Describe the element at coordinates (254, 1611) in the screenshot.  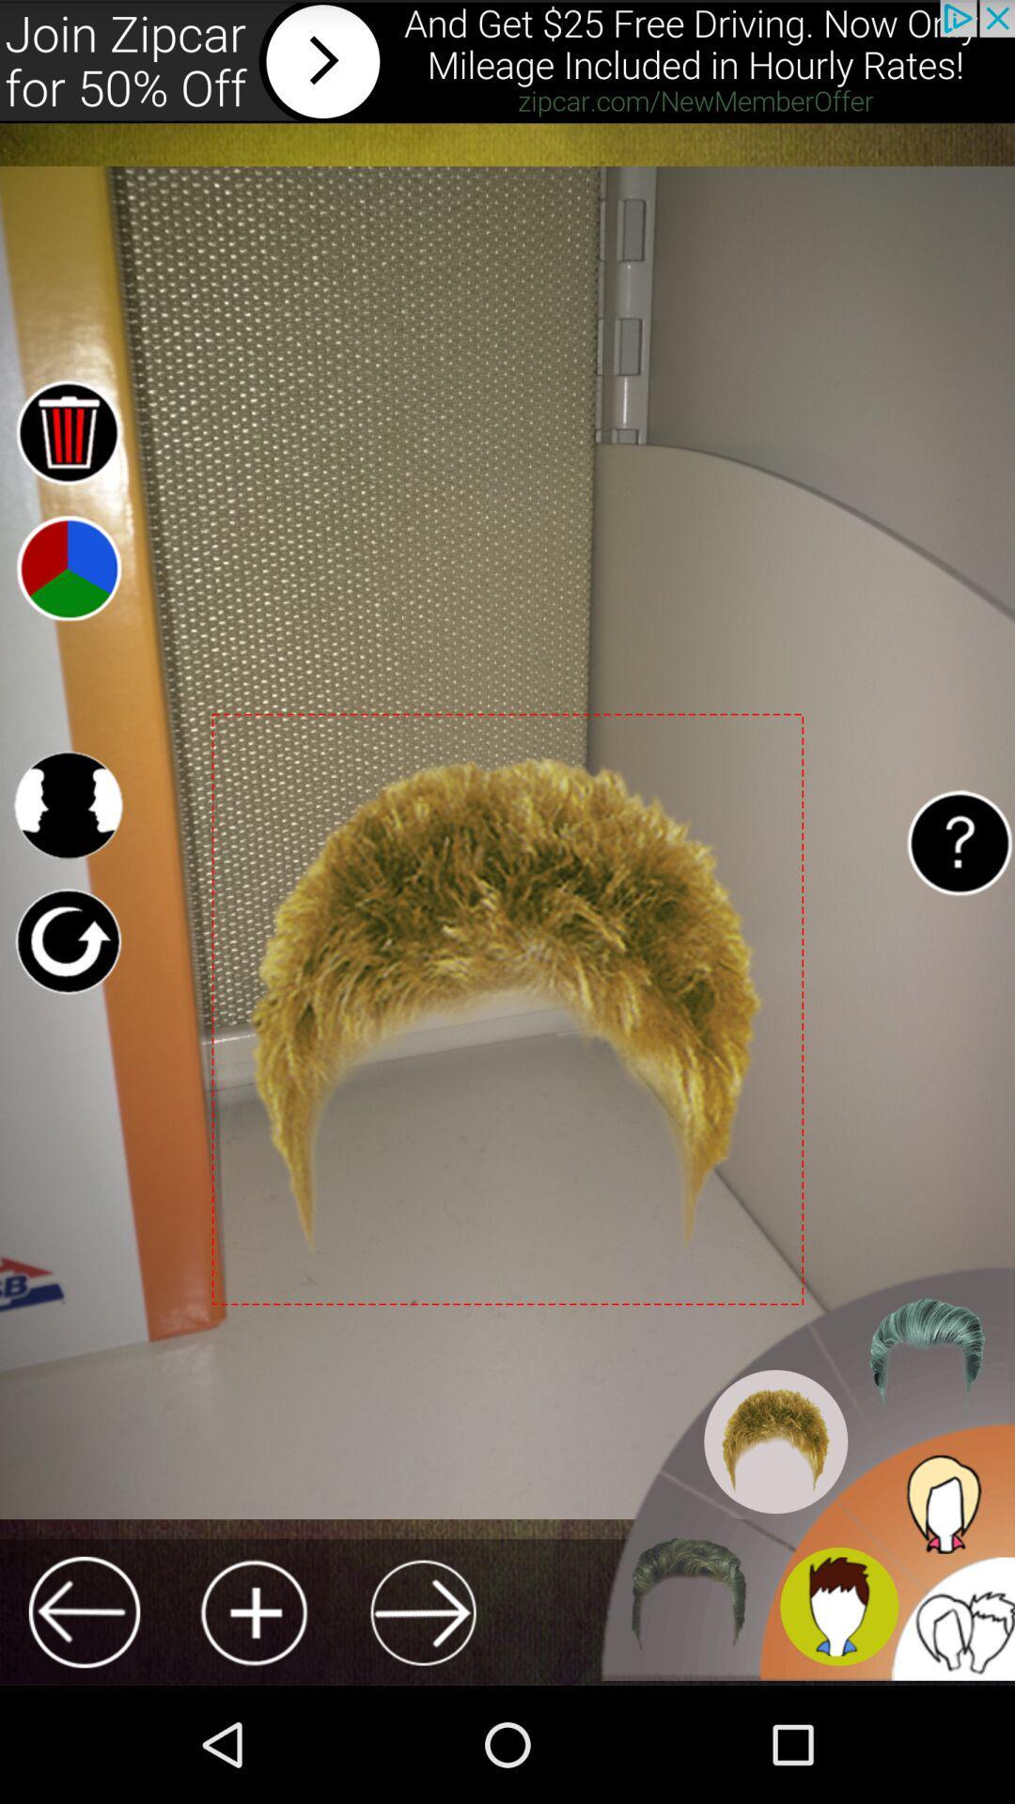
I see `button` at that location.